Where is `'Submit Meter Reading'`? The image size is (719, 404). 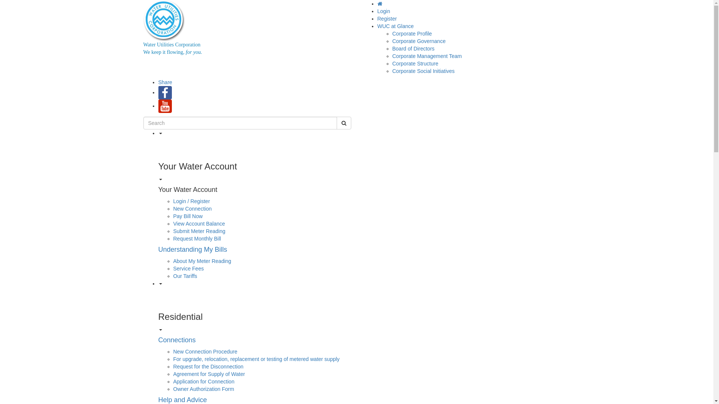
'Submit Meter Reading' is located at coordinates (199, 230).